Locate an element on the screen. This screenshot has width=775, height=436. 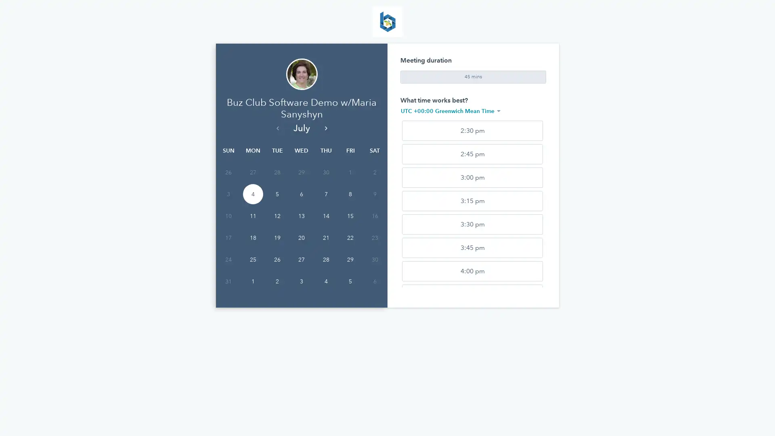
August 1st is located at coordinates (252, 281).